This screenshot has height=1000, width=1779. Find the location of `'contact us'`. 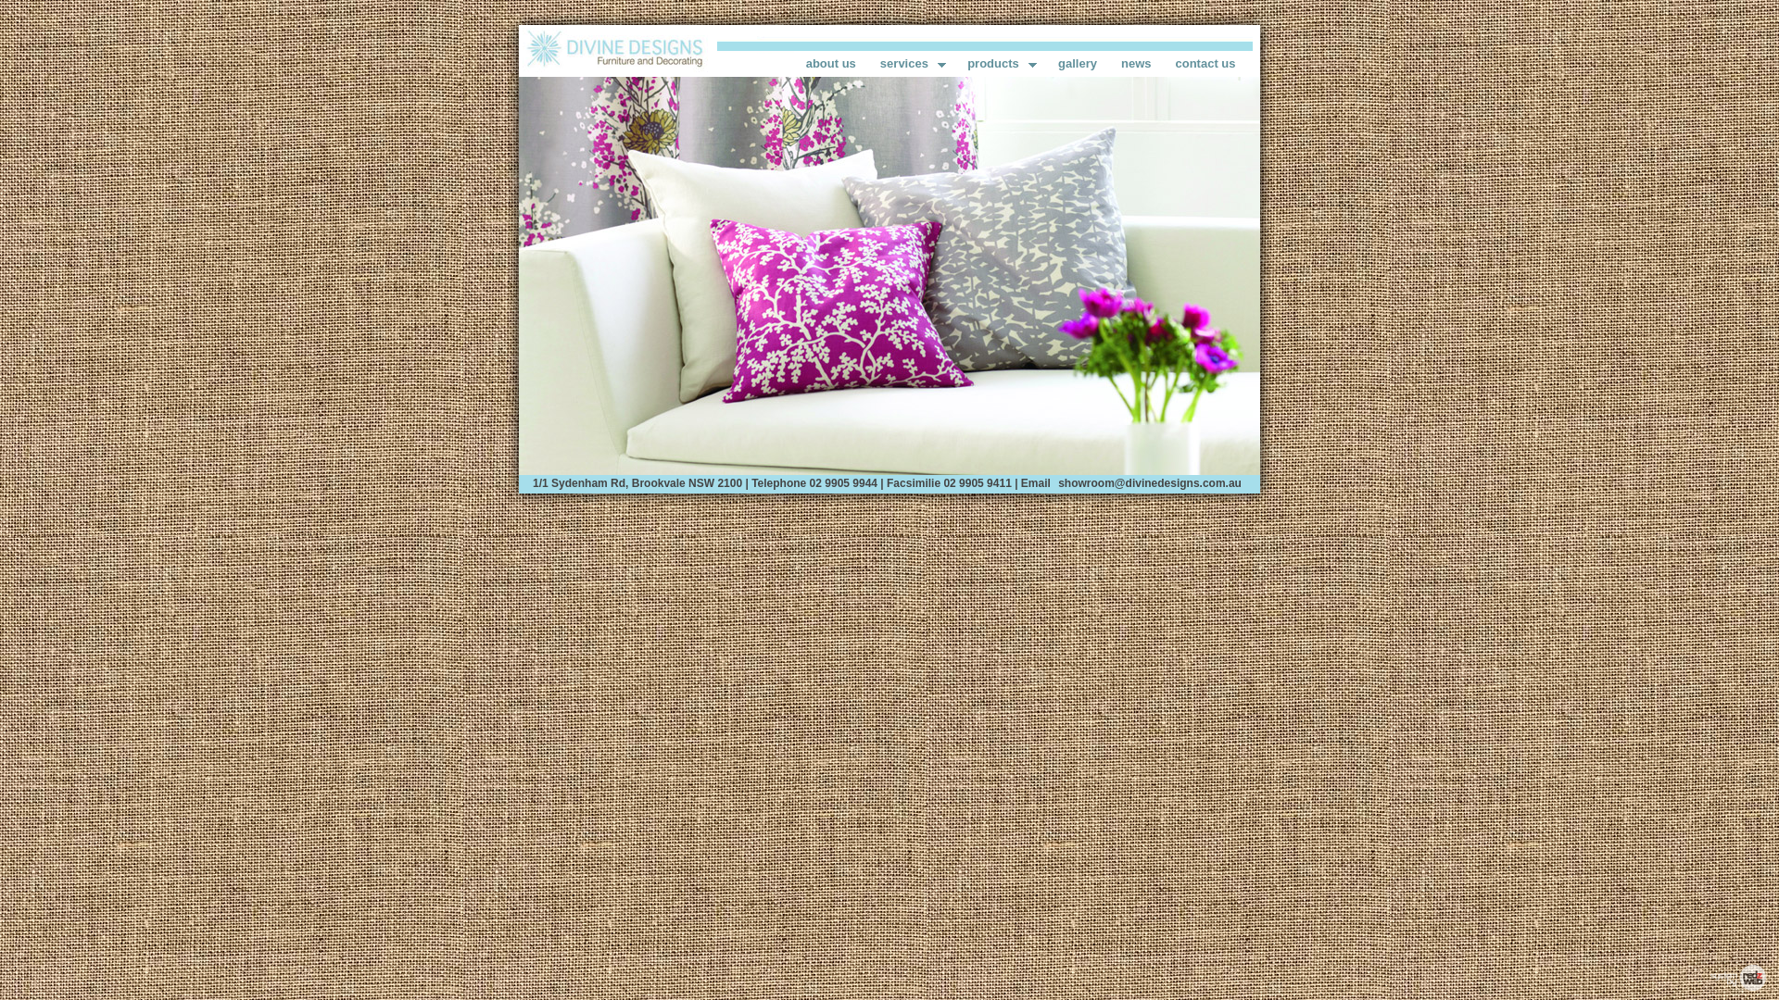

'contact us' is located at coordinates (1205, 62).